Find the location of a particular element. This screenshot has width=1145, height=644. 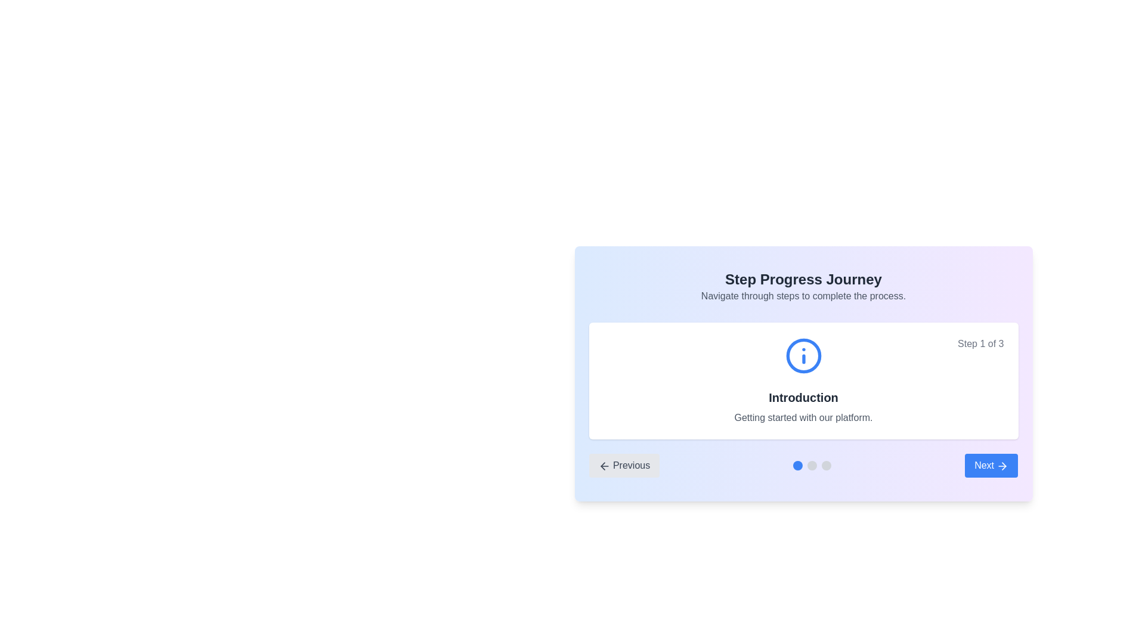

the right-pointing arrow icon located within the blue 'Next' button at the bottom-right area of the interactive card is located at coordinates (1002, 465).